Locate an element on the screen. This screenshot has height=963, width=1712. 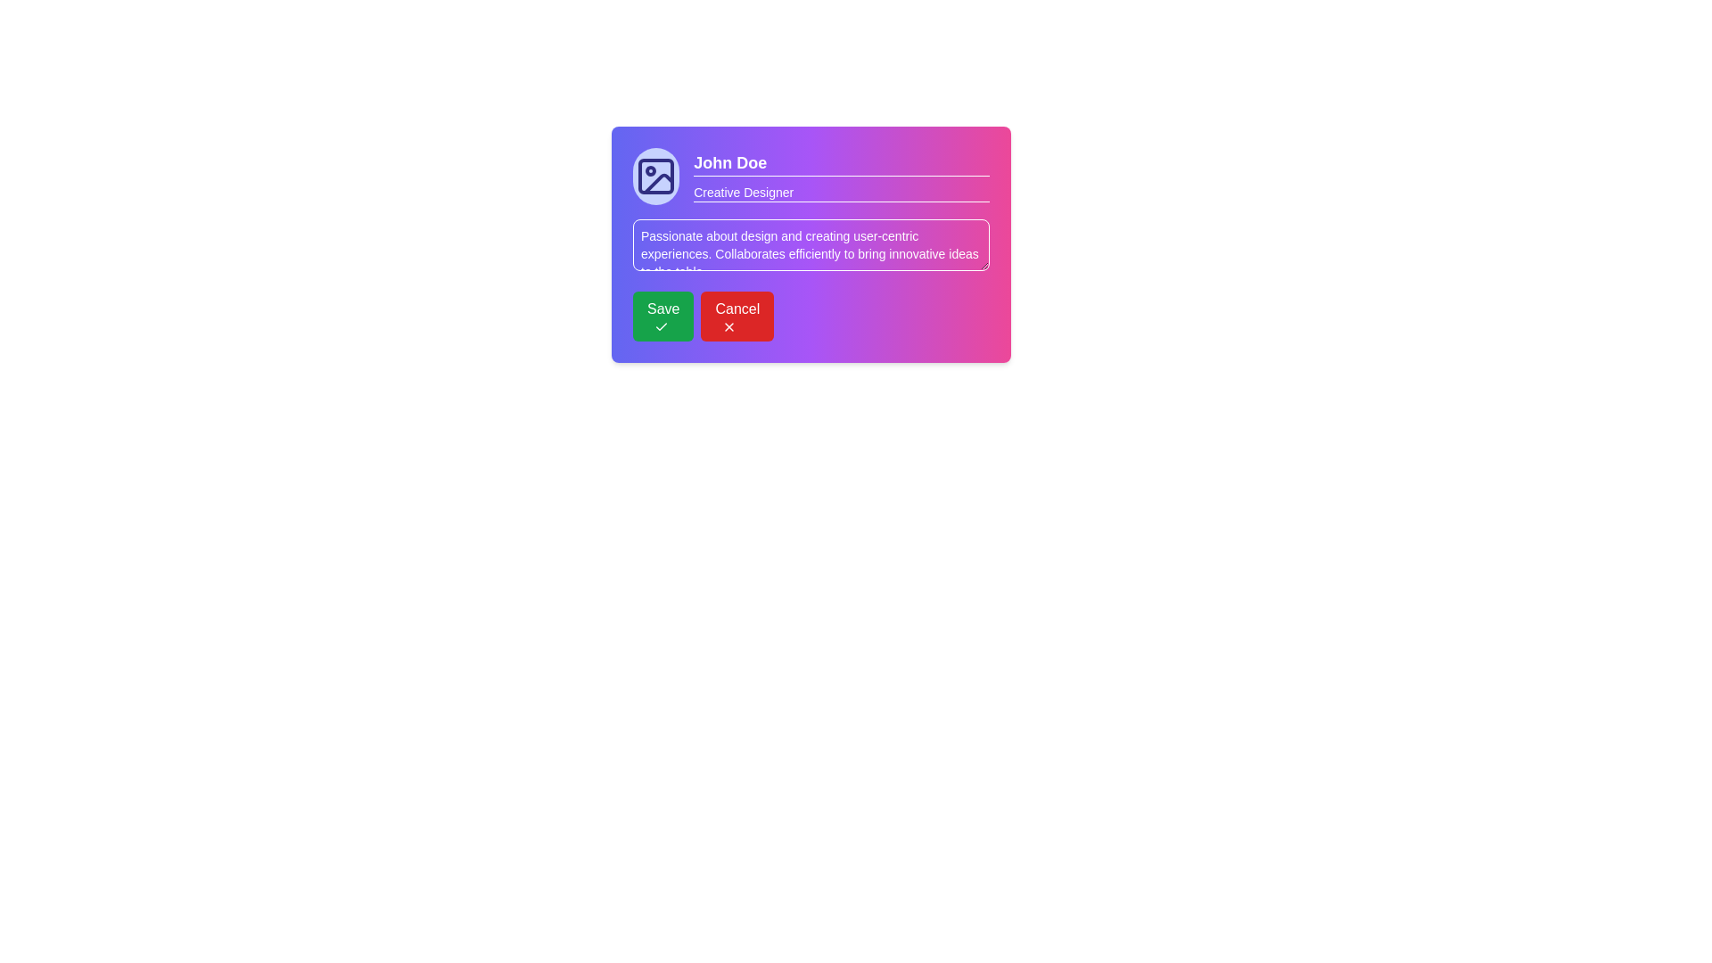
the cross (X) icon with a red background located within the 'Cancel' button on the lower right corner of the card layout is located at coordinates (729, 326).